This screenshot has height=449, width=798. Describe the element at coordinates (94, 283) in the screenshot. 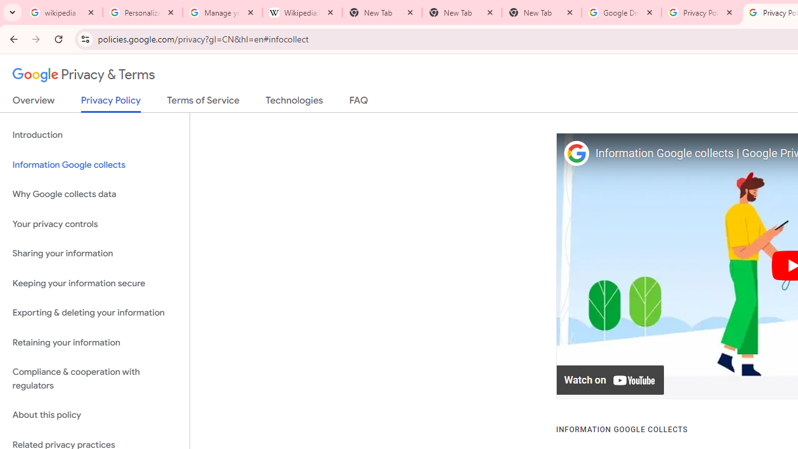

I see `'Keeping your information secure'` at that location.